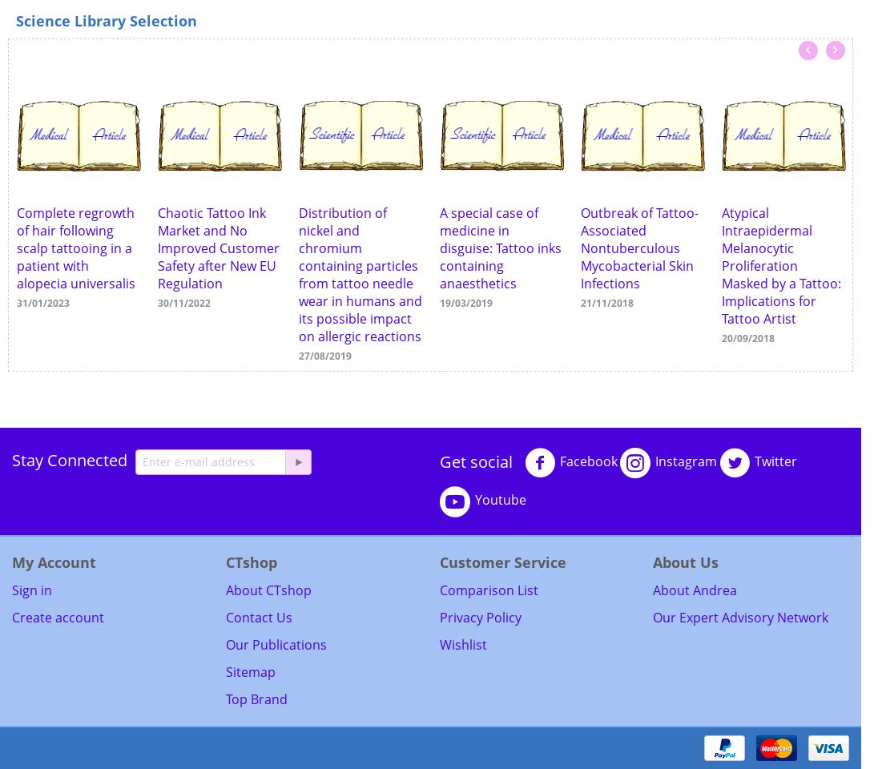  I want to click on 'About Us', so click(684, 561).